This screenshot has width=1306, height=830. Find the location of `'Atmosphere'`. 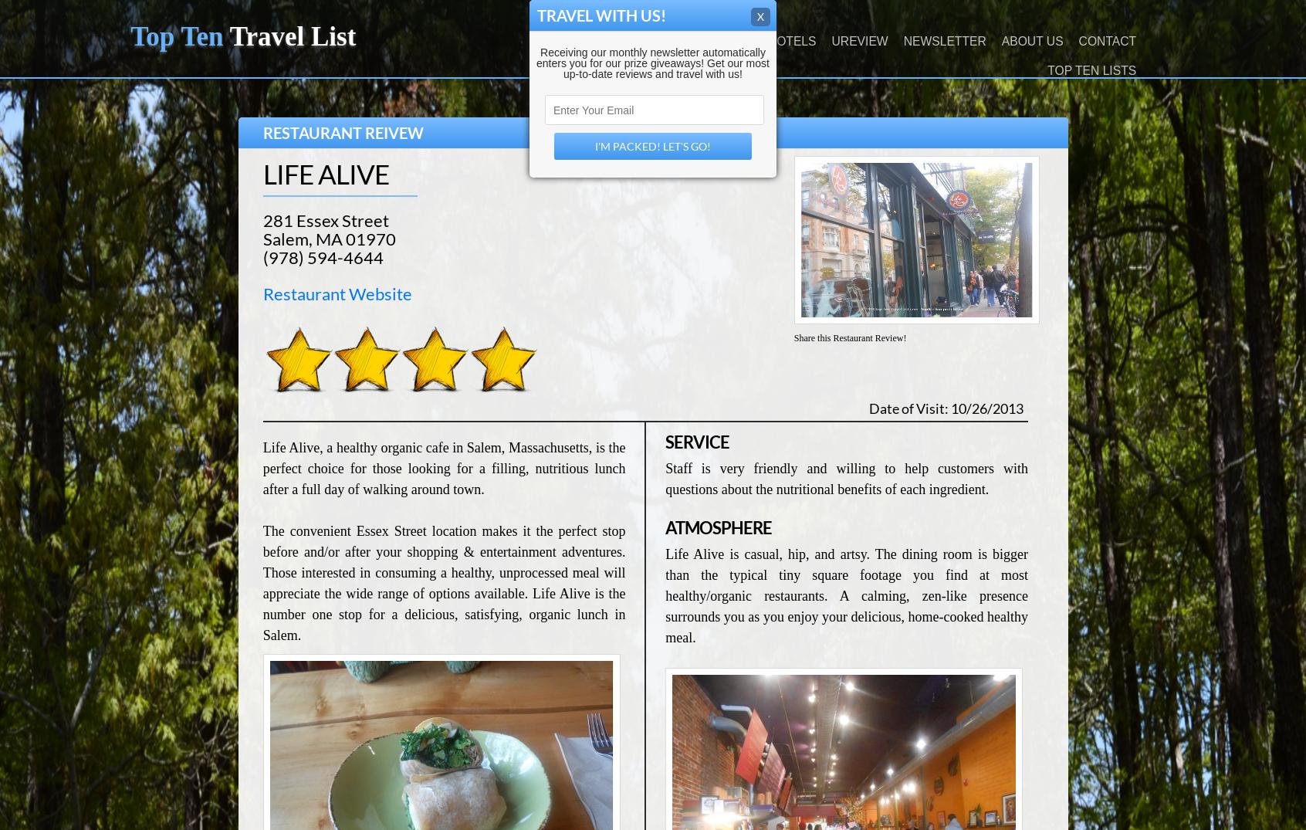

'Atmosphere' is located at coordinates (665, 527).